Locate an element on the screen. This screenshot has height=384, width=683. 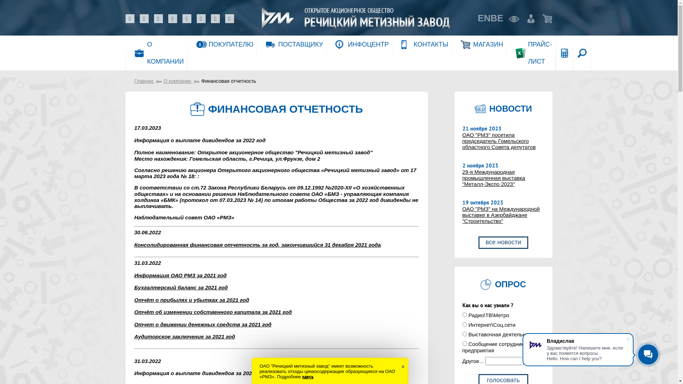
'Twitter' is located at coordinates (224, 18).